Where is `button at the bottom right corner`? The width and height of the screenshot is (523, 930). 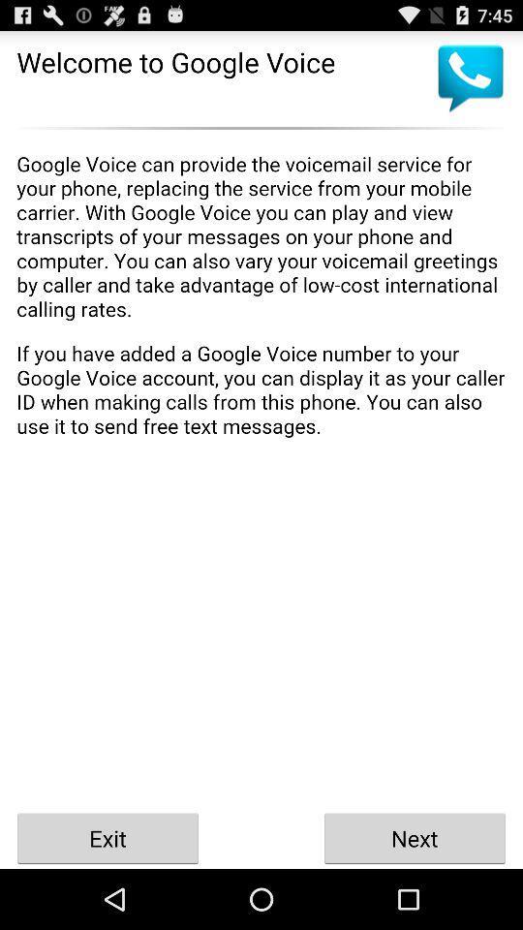
button at the bottom right corner is located at coordinates (414, 837).